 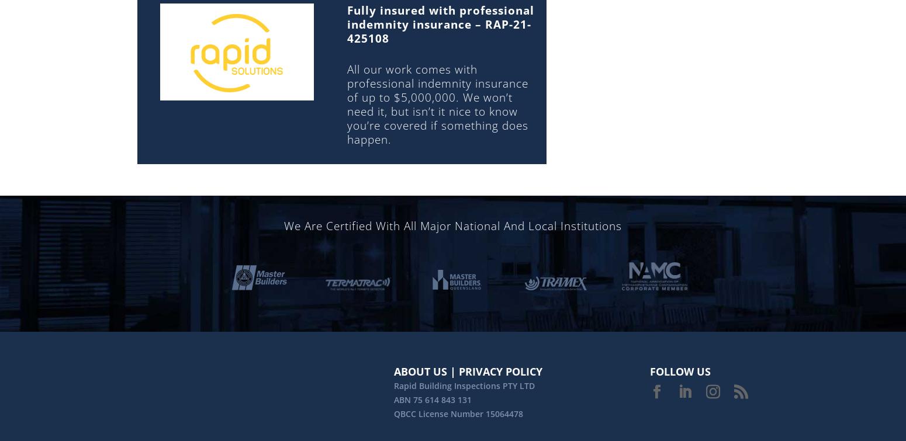 What do you see at coordinates (347, 23) in the screenshot?
I see `'Fully insured with professional indemnity insurance – RAP-21-425108'` at bounding box center [347, 23].